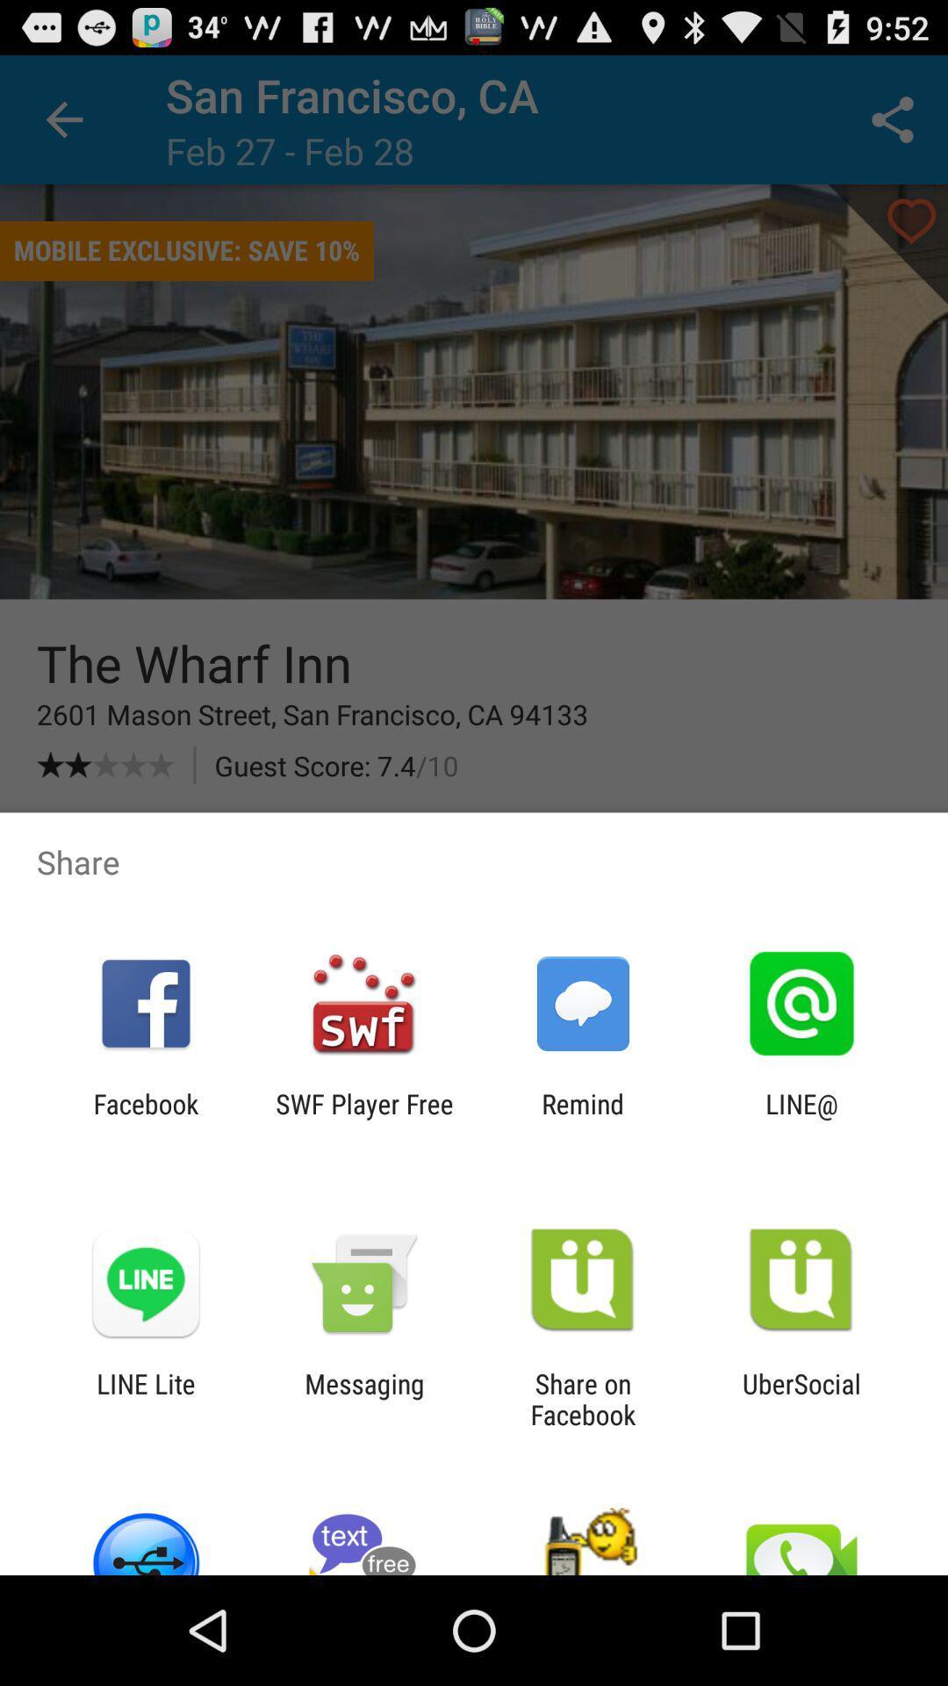 The width and height of the screenshot is (948, 1686). Describe the element at coordinates (583, 1119) in the screenshot. I see `the remind icon` at that location.